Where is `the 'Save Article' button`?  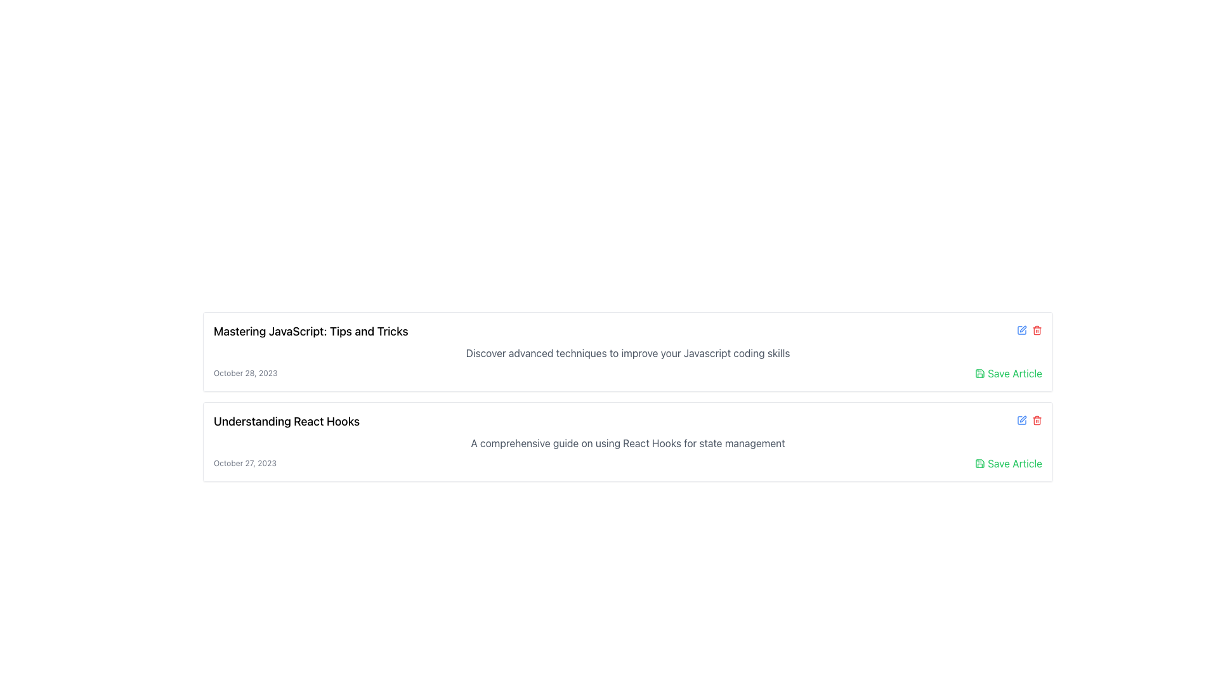 the 'Save Article' button is located at coordinates (1008, 373).